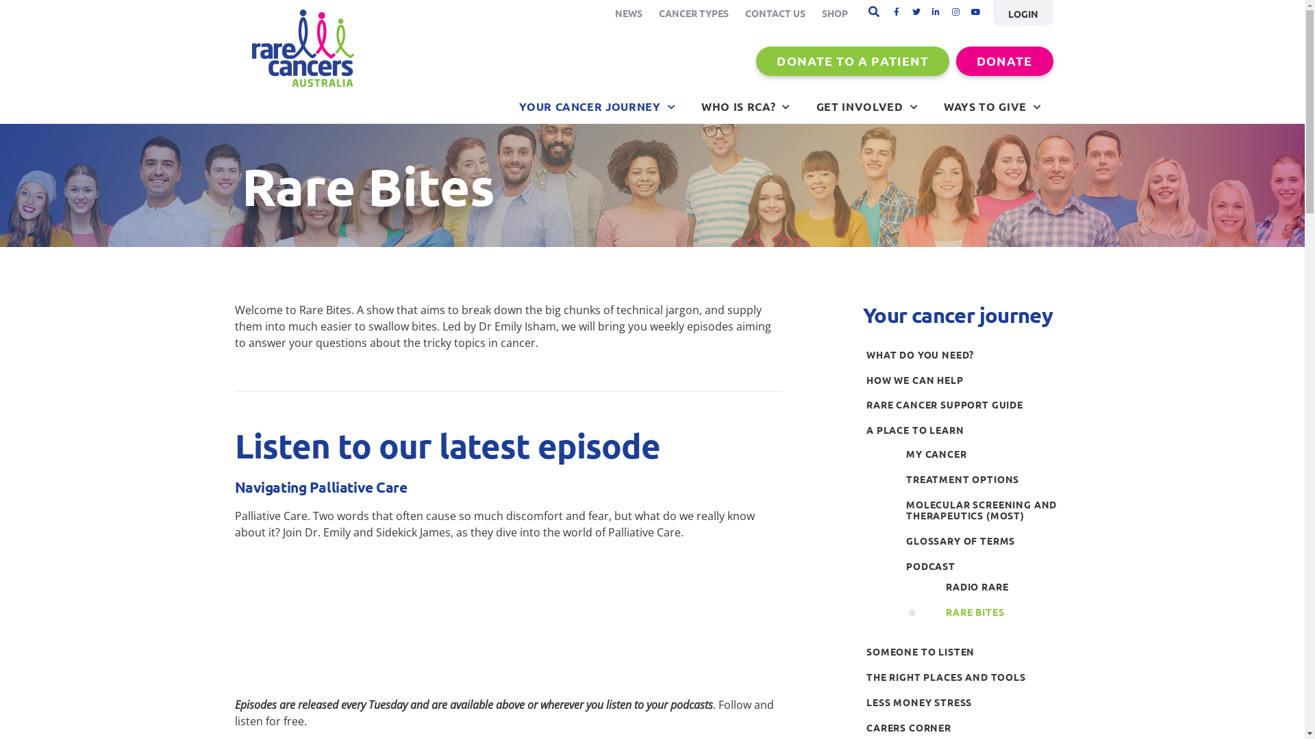 Image resolution: width=1315 pixels, height=739 pixels. I want to click on 'RARE BITES', so click(1003, 611).